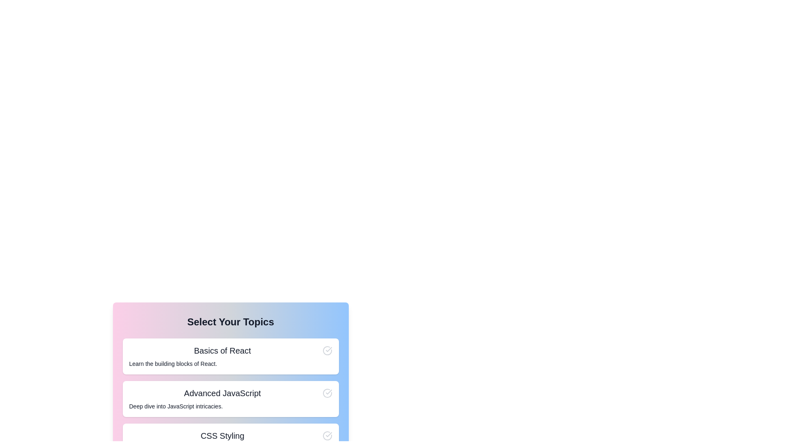 This screenshot has width=786, height=442. What do you see at coordinates (230, 356) in the screenshot?
I see `the card titled 'Basics of React'` at bounding box center [230, 356].